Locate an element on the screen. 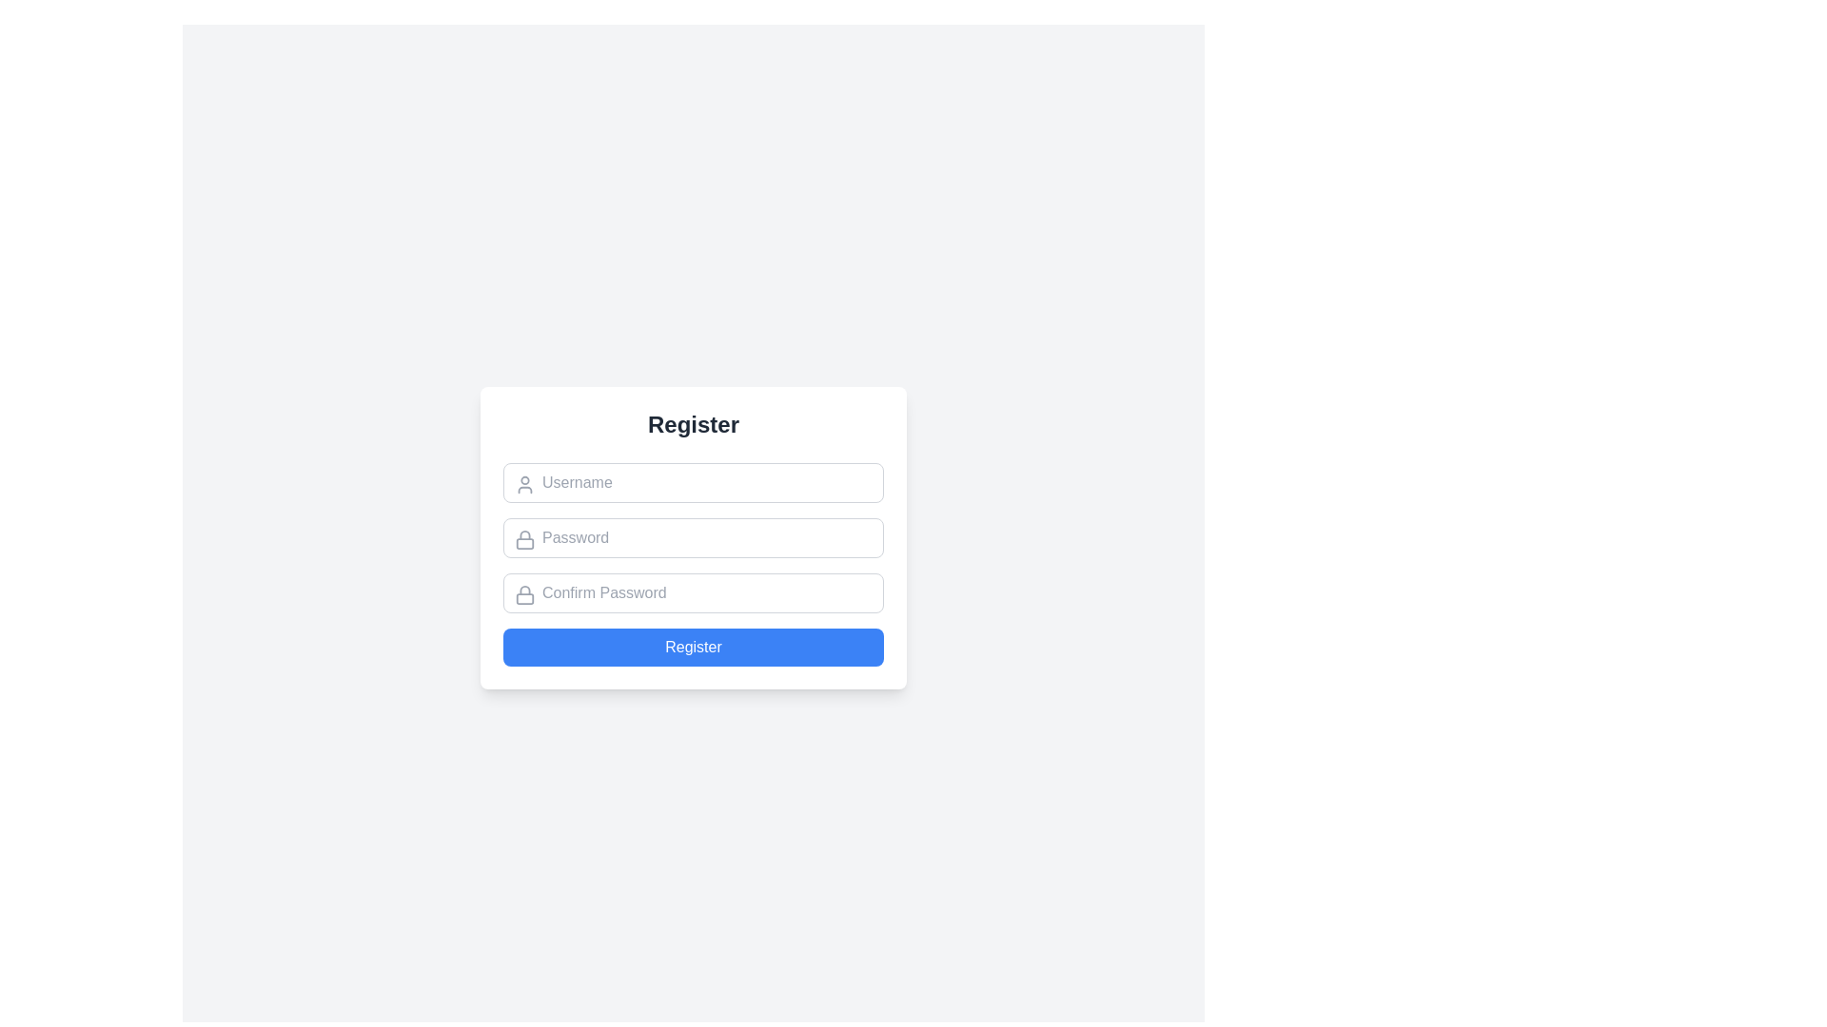 The height and width of the screenshot is (1027, 1827). the lock icon located to the left of the 'Password' input field, which has a gray outline and resembles a padlock is located at coordinates (525, 539).